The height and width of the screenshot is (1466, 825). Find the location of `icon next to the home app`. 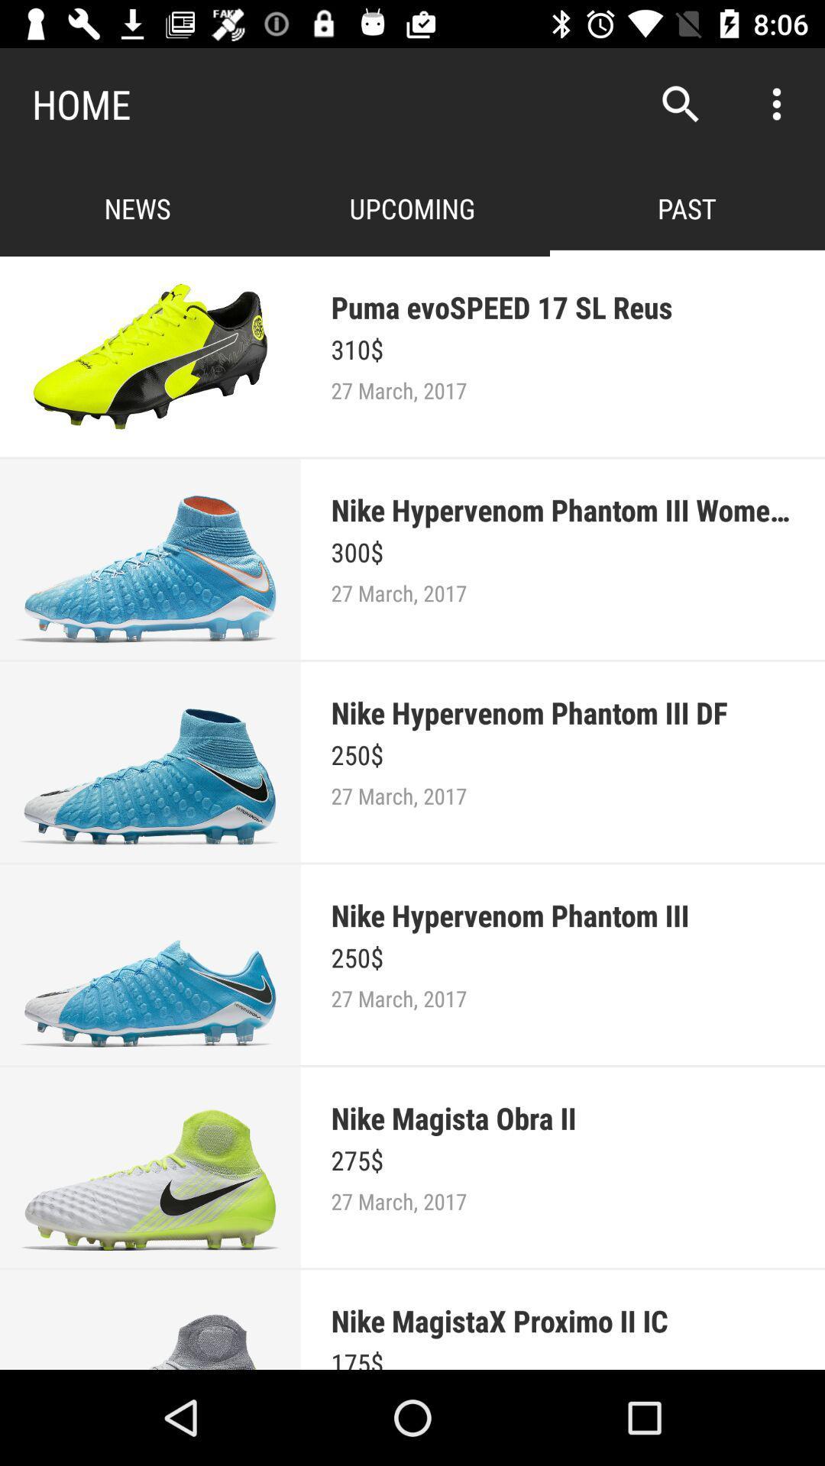

icon next to the home app is located at coordinates (680, 103).